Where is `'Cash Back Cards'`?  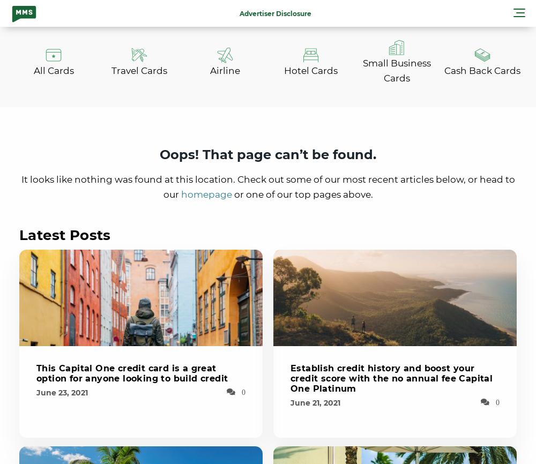 'Cash Back Cards' is located at coordinates (482, 70).